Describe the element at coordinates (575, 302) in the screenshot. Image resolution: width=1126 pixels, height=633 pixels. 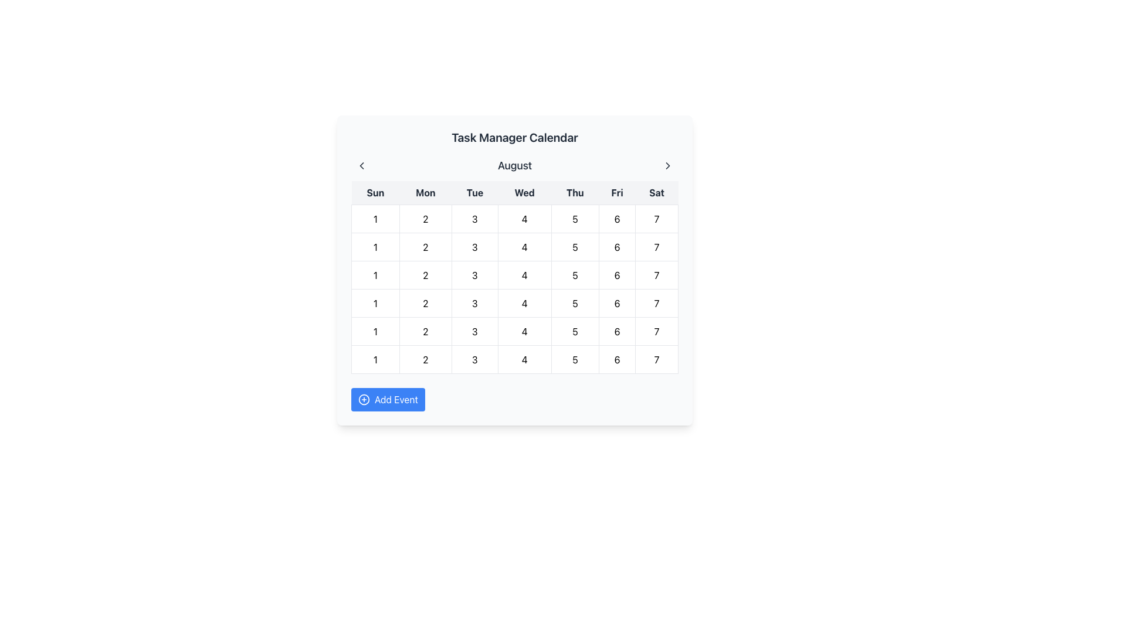
I see `the grid cell displaying the number '5'` at that location.